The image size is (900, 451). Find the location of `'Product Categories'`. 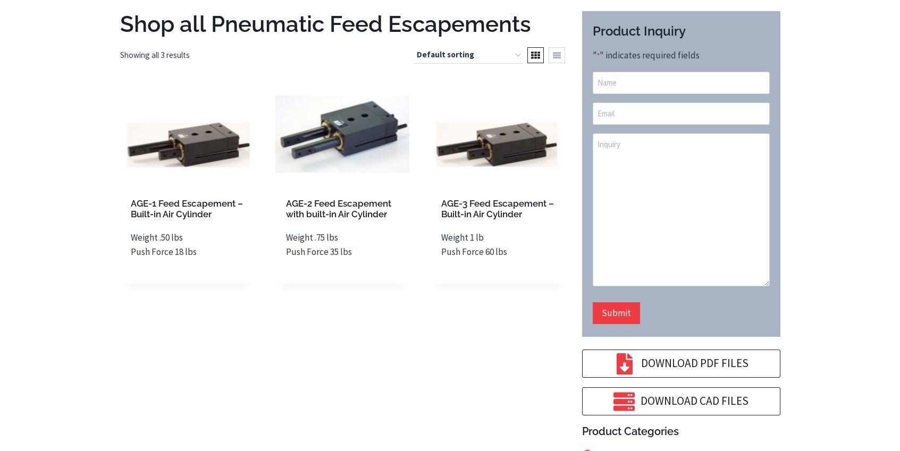

'Product Categories' is located at coordinates (629, 431).